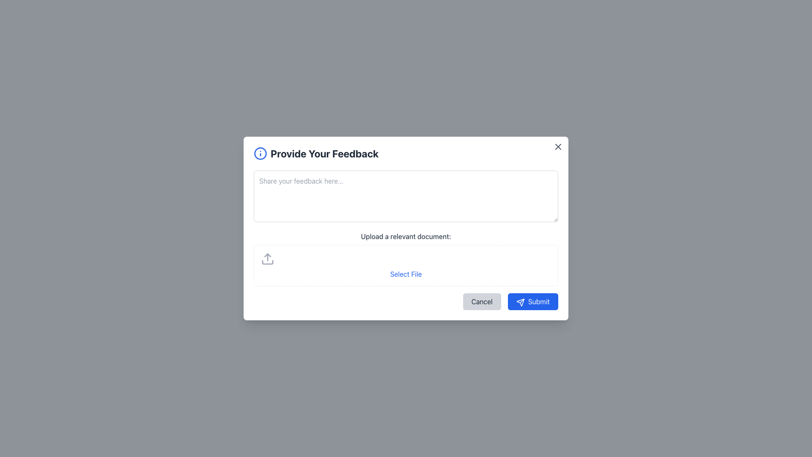 The image size is (812, 457). Describe the element at coordinates (521, 300) in the screenshot. I see `the second line component of the SVG graphic that is part of the 'Submit' button` at that location.